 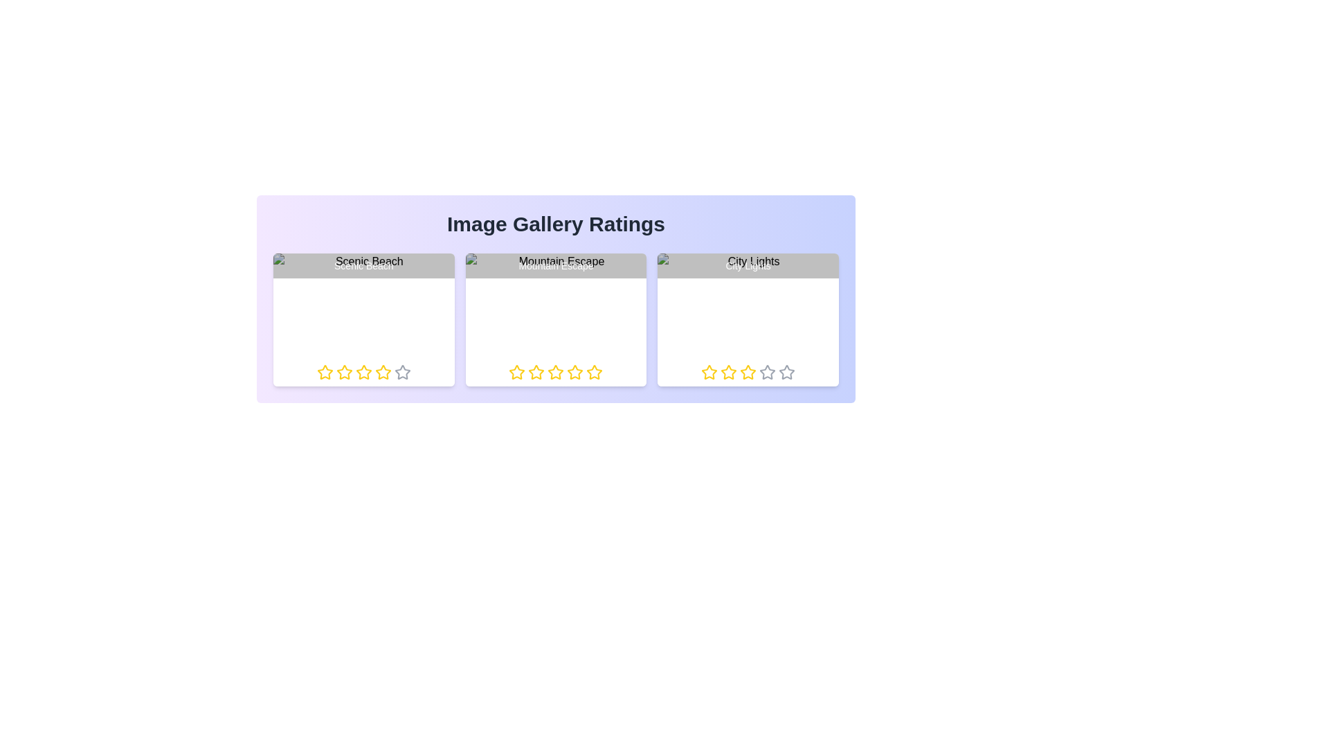 I want to click on the rating for the image titled 'City Lights' to 3 stars, so click(x=739, y=371).